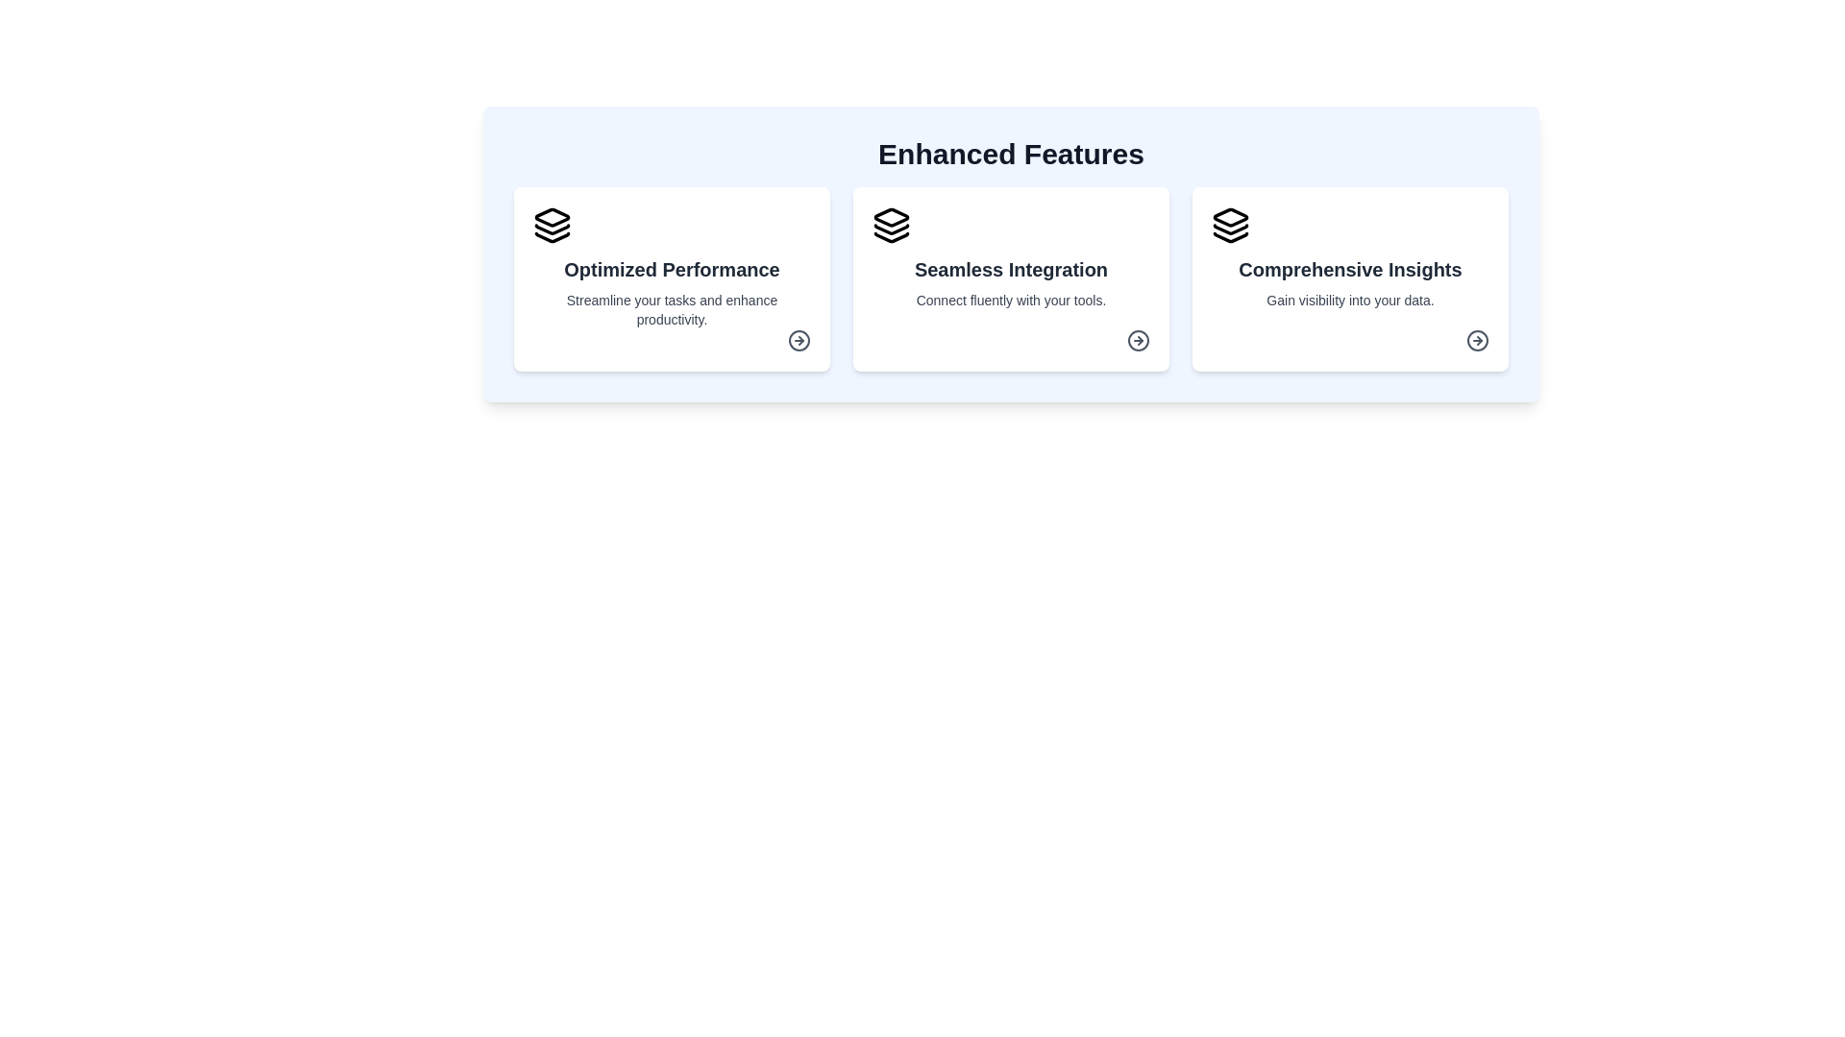 The image size is (1845, 1037). What do you see at coordinates (890, 229) in the screenshot?
I see `the second graphical icon resembling layered shapes within the central card of the 'Seamless Integration' layout` at bounding box center [890, 229].